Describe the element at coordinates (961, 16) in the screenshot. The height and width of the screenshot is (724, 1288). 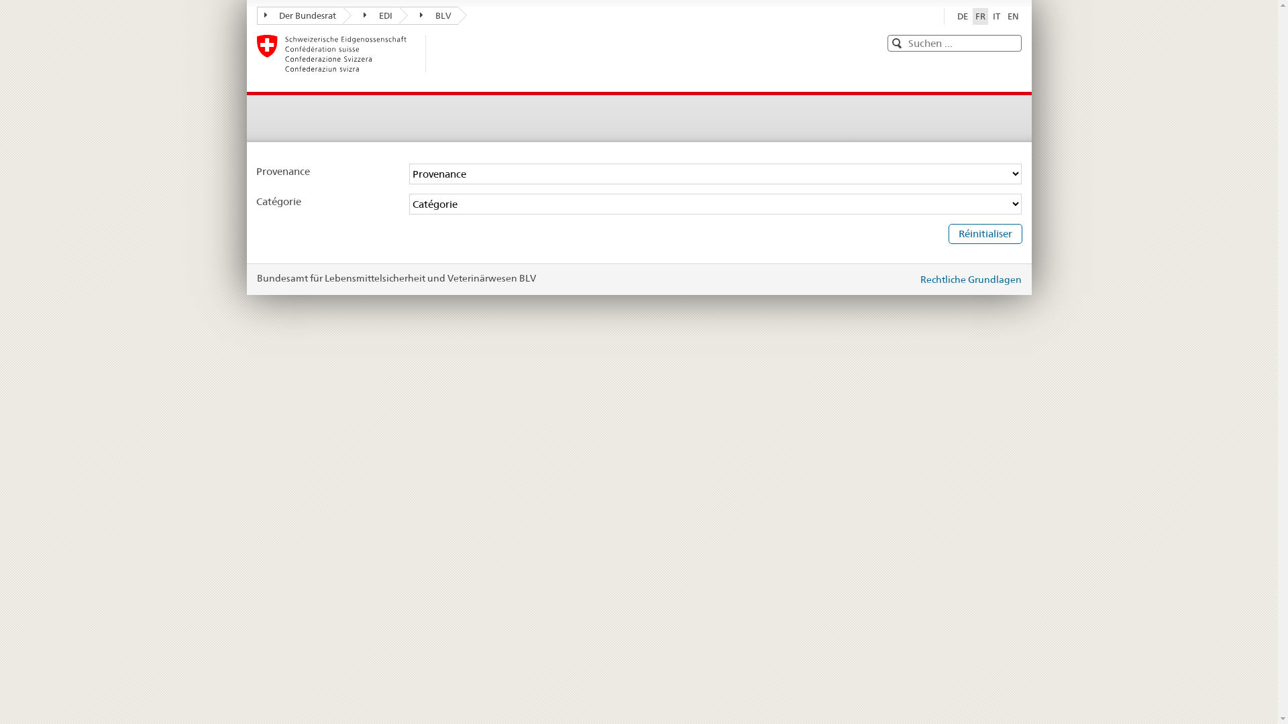
I see `'DE'` at that location.